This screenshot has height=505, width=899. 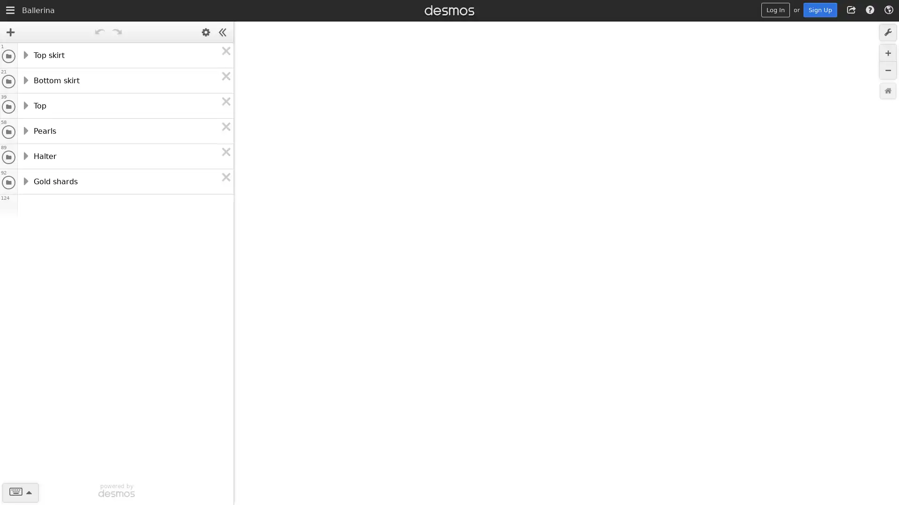 What do you see at coordinates (887, 53) in the screenshot?
I see `Zoom In` at bounding box center [887, 53].